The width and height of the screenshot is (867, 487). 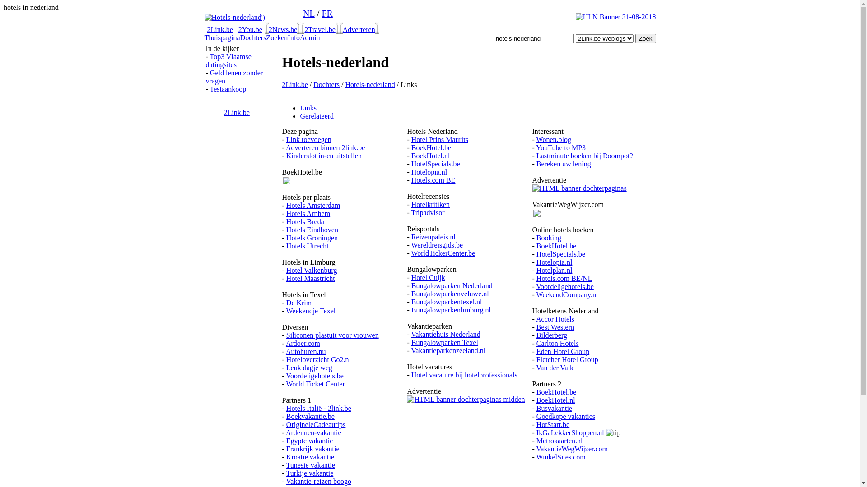 I want to click on 'Hotelopia.nl', so click(x=411, y=172).